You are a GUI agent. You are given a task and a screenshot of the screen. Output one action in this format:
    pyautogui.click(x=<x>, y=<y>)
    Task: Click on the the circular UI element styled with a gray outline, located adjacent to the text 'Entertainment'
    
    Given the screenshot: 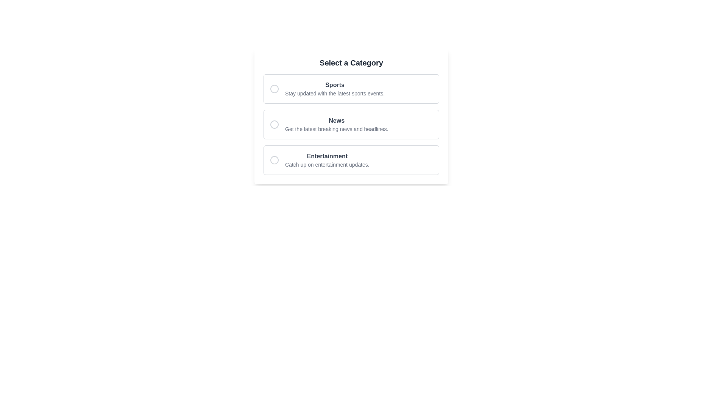 What is the action you would take?
    pyautogui.click(x=274, y=160)
    